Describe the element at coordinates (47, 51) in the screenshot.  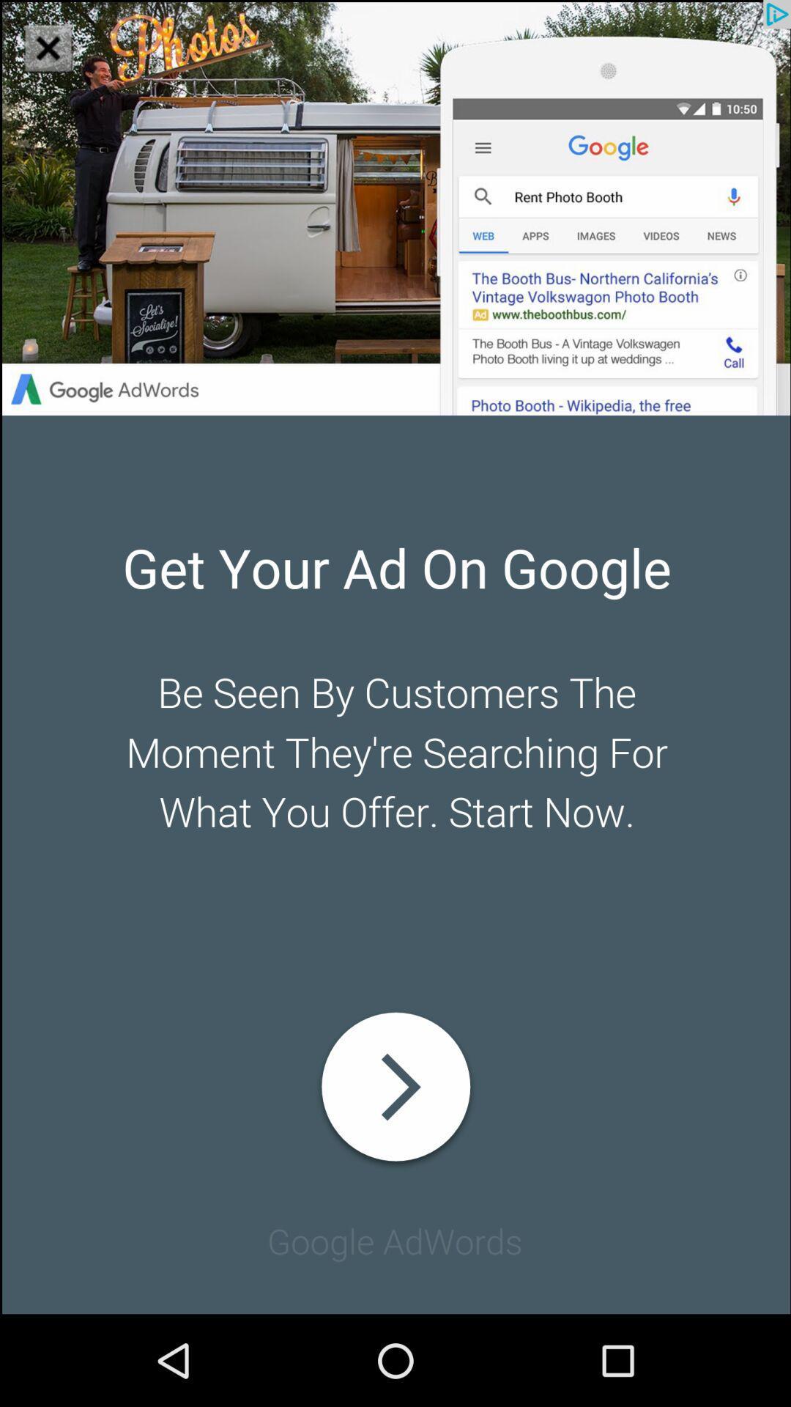
I see `the close icon` at that location.